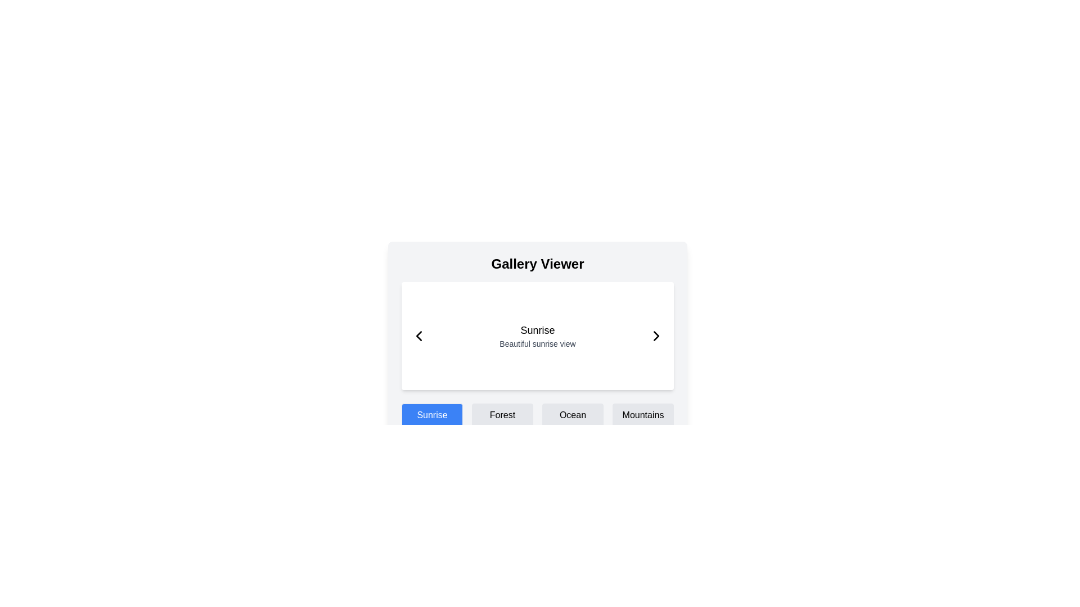  I want to click on the rectangular button labeled 'Ocean' located near the bottom of the interface, so click(573, 415).